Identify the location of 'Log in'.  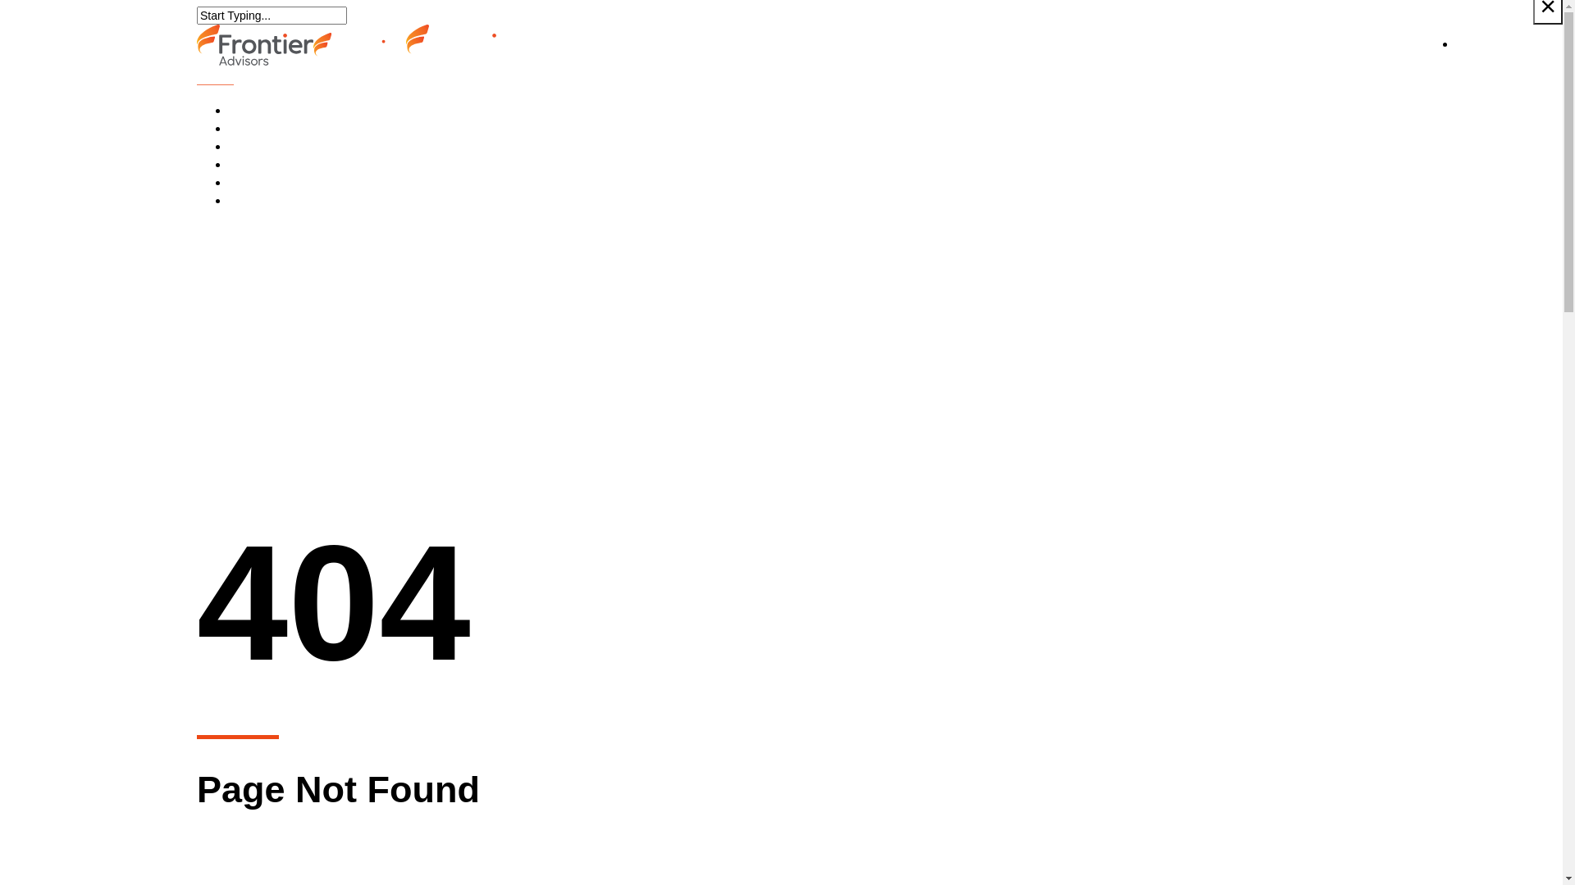
(1472, 43).